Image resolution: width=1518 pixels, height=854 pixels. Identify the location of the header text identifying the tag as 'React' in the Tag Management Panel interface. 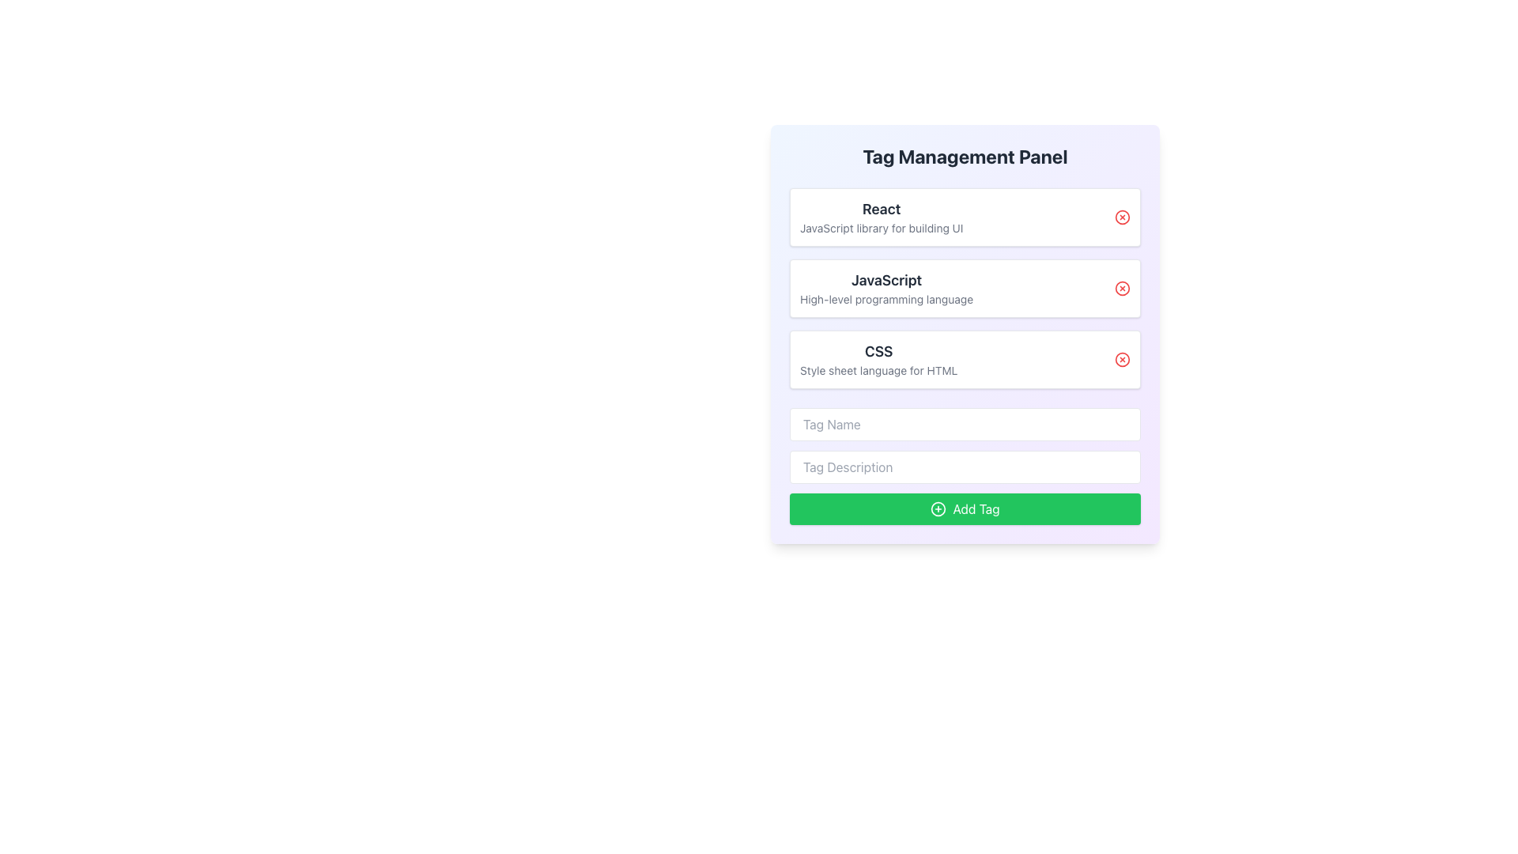
(881, 209).